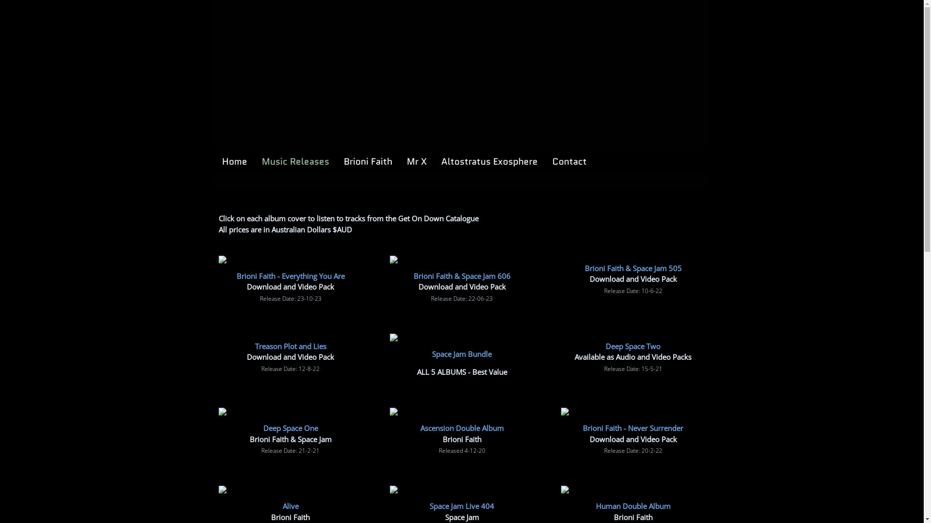 The height and width of the screenshot is (523, 931). Describe the element at coordinates (633, 506) in the screenshot. I see `'Human Double Album'` at that location.